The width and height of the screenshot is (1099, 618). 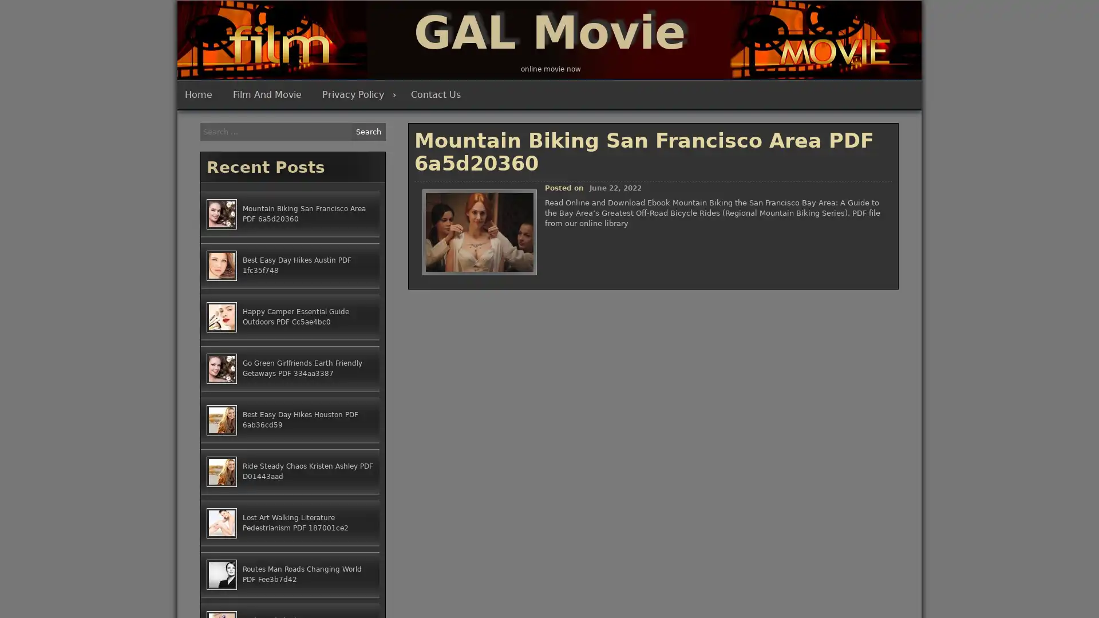 What do you see at coordinates (368, 131) in the screenshot?
I see `Search` at bounding box center [368, 131].